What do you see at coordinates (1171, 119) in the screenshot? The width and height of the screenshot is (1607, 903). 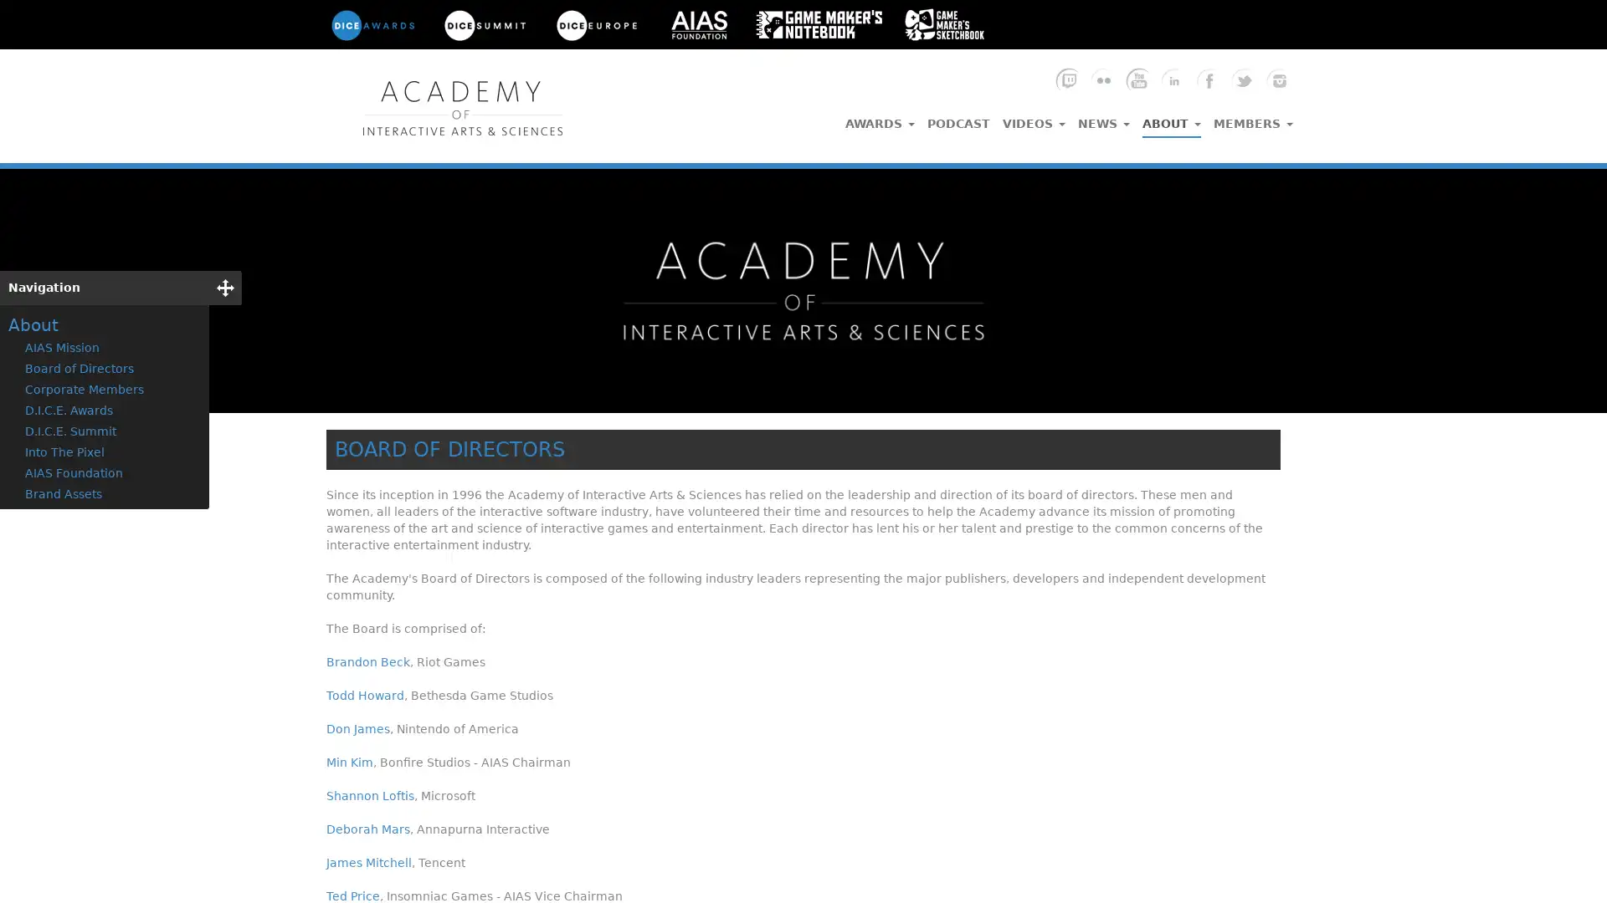 I see `ABOUT` at bounding box center [1171, 119].